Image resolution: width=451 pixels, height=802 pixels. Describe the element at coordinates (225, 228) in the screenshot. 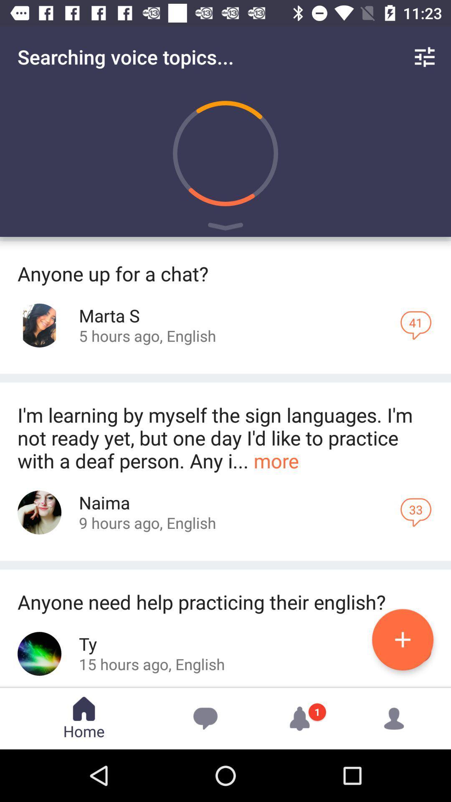

I see `down option` at that location.